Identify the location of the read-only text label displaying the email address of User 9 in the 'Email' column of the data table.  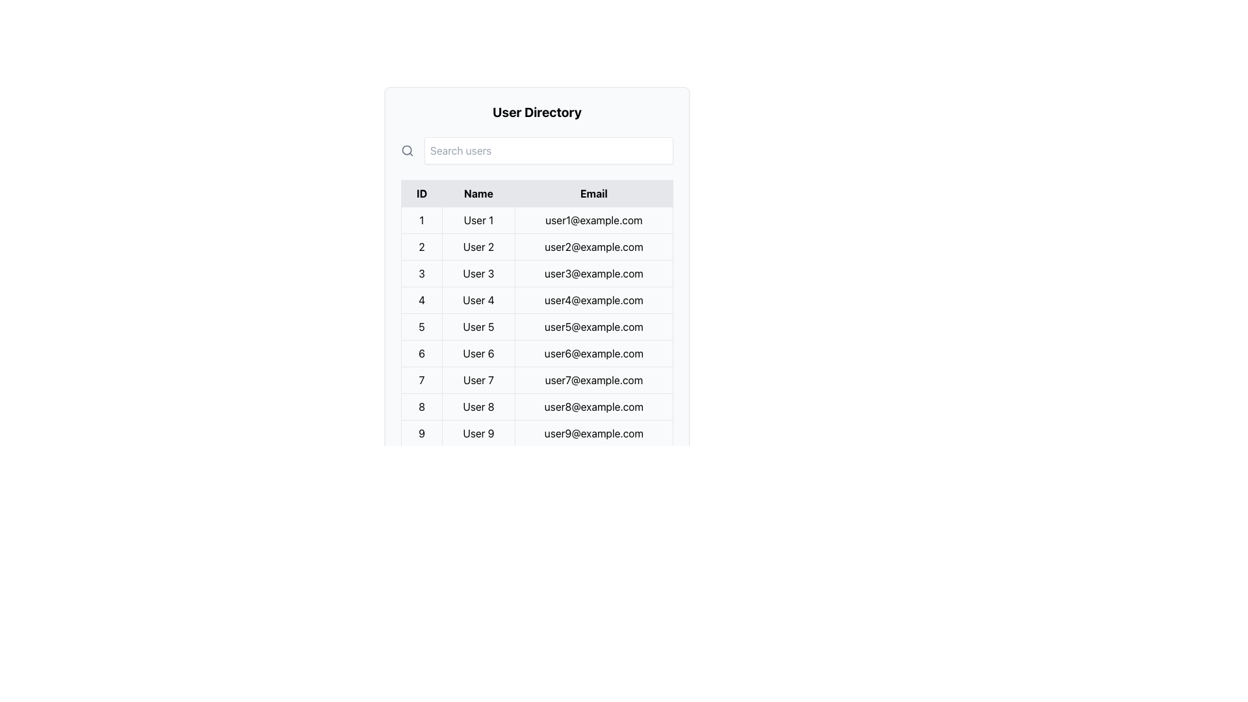
(593, 434).